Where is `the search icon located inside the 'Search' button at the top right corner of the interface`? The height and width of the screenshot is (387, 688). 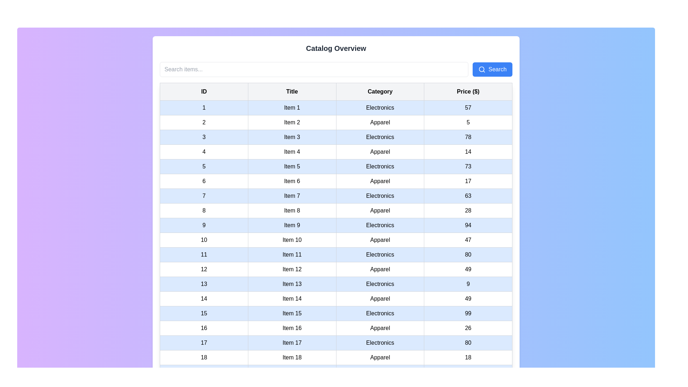 the search icon located inside the 'Search' button at the top right corner of the interface is located at coordinates (482, 69).